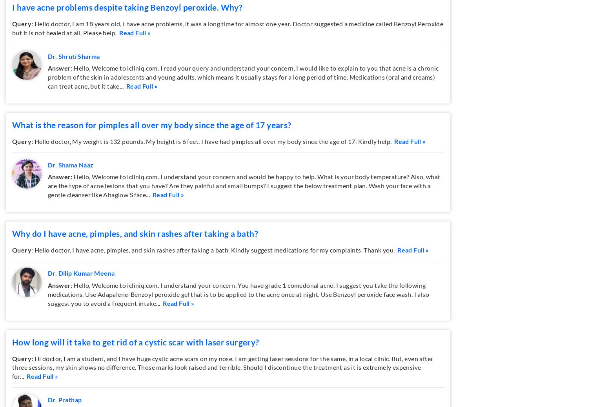 The height and width of the screenshot is (407, 608). What do you see at coordinates (264, 53) in the screenshot?
I see `'Urology'` at bounding box center [264, 53].